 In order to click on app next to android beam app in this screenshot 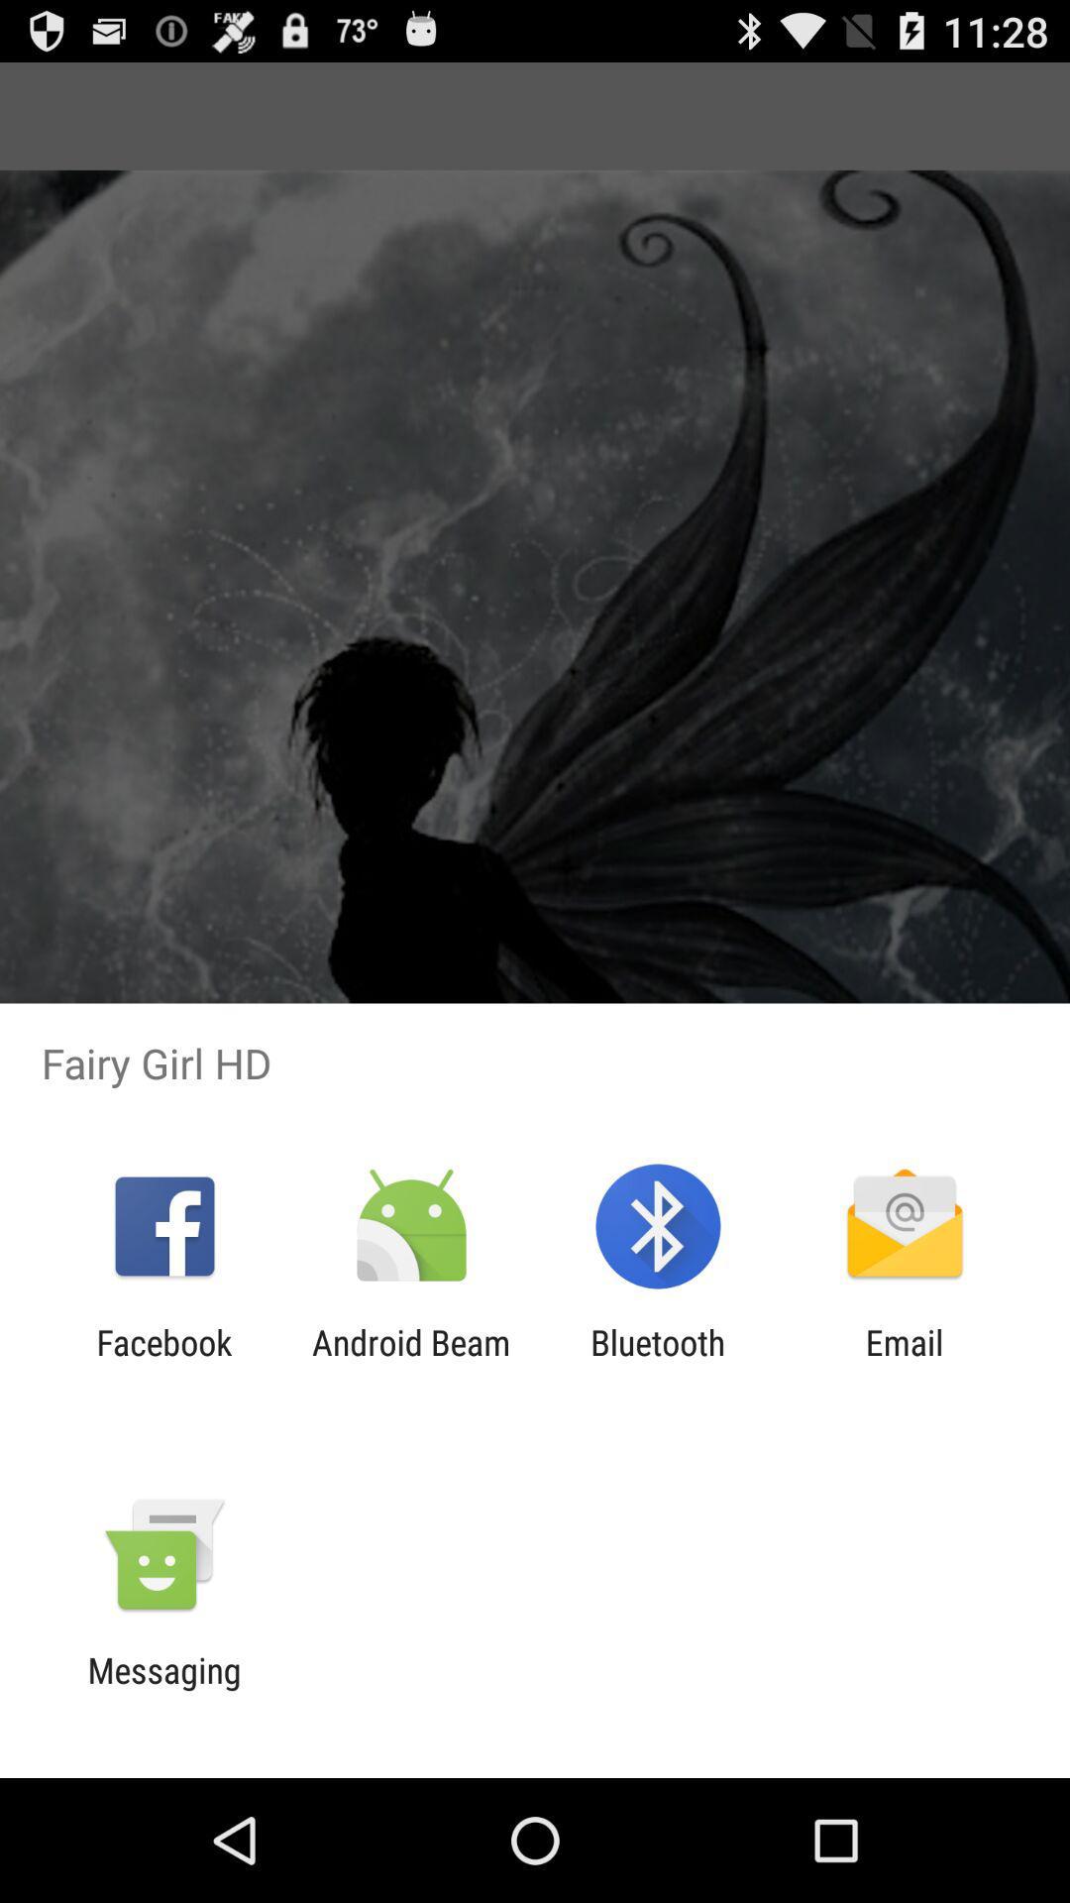, I will do `click(658, 1362)`.